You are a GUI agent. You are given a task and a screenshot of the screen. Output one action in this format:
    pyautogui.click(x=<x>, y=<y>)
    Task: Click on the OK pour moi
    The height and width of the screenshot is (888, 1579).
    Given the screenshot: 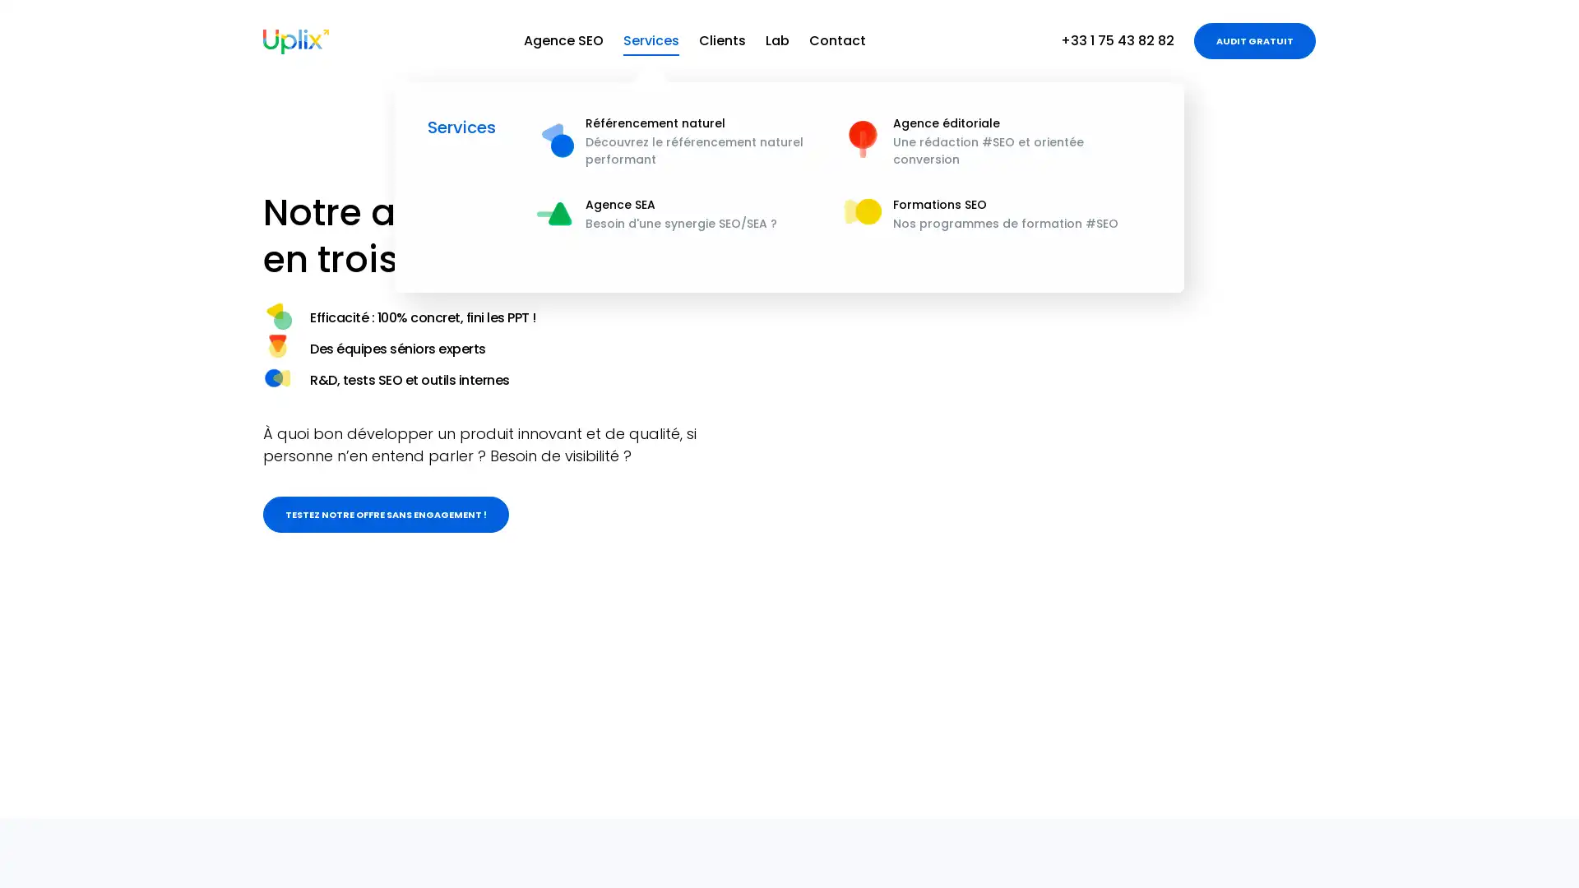 What is the action you would take?
    pyautogui.click(x=1504, y=804)
    